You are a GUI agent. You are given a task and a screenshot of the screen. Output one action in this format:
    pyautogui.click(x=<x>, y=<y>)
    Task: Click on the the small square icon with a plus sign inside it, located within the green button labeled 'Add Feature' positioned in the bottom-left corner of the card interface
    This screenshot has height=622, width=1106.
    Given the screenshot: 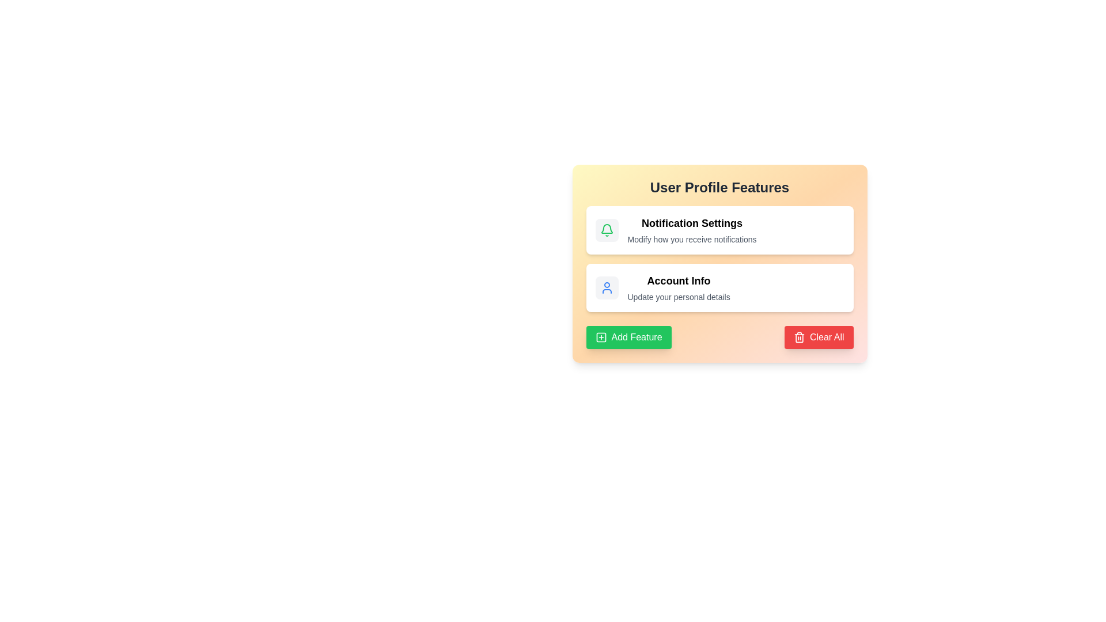 What is the action you would take?
    pyautogui.click(x=600, y=337)
    